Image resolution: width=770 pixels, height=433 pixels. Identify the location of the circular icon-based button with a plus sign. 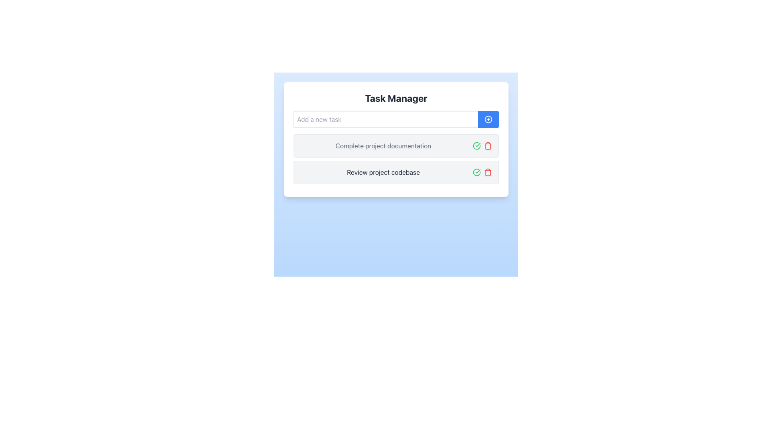
(488, 119).